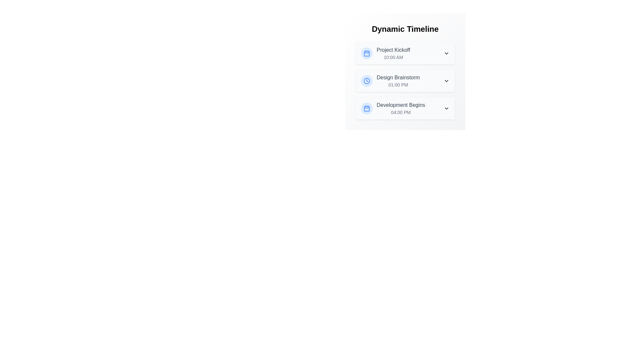 The height and width of the screenshot is (354, 630). Describe the element at coordinates (400, 105) in the screenshot. I see `the text label displaying 'Development Begins', which is styled in medium gray font and positioned between 'Design Brainstorm' and '04:00 PM' in the 'Dynamic Timeline' interface` at that location.